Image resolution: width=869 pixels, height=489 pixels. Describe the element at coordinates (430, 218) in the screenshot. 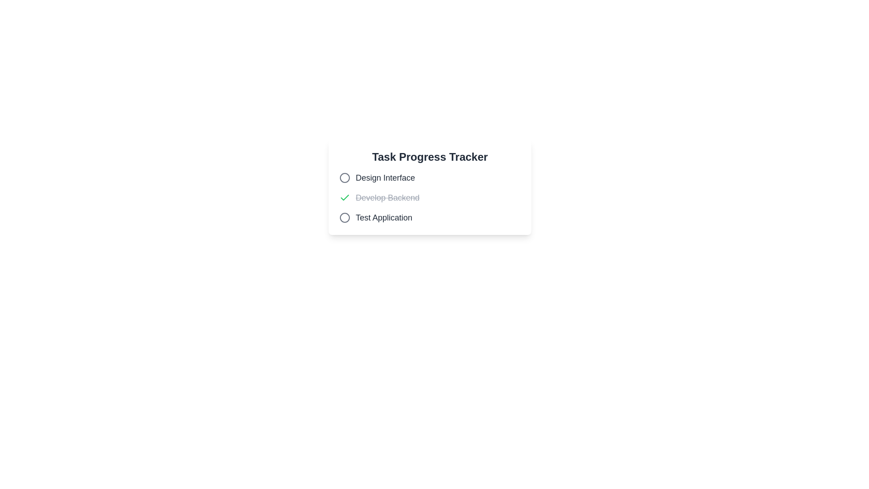

I see `the 'Test Application' task tracker list item` at that location.